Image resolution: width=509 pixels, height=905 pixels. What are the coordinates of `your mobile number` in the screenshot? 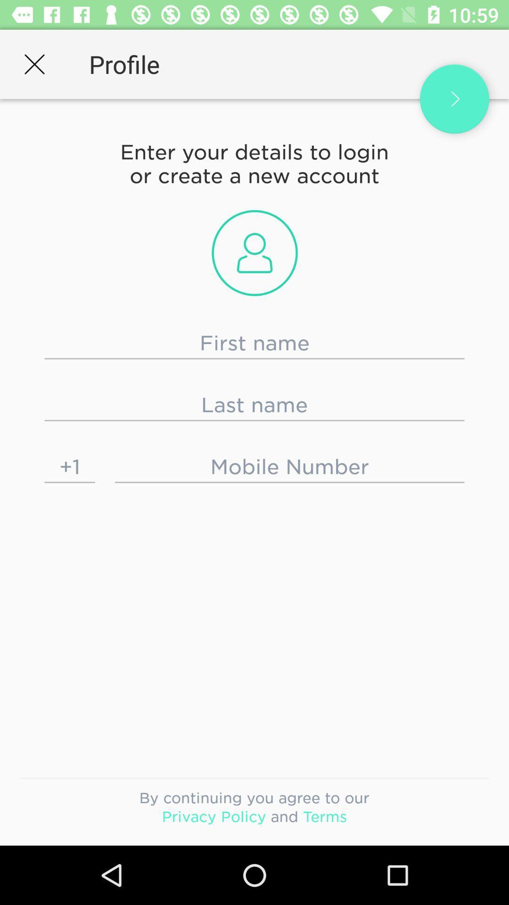 It's located at (289, 467).